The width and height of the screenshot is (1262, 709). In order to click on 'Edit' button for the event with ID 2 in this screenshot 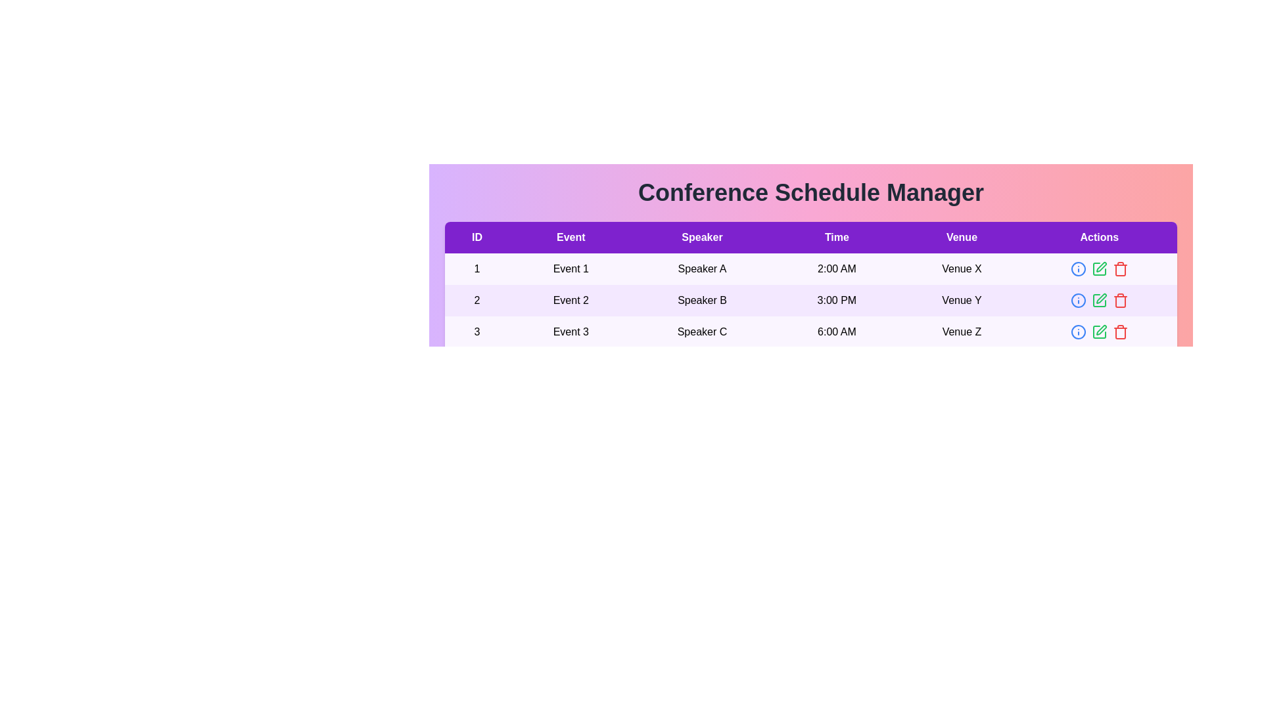, I will do `click(1099, 301)`.